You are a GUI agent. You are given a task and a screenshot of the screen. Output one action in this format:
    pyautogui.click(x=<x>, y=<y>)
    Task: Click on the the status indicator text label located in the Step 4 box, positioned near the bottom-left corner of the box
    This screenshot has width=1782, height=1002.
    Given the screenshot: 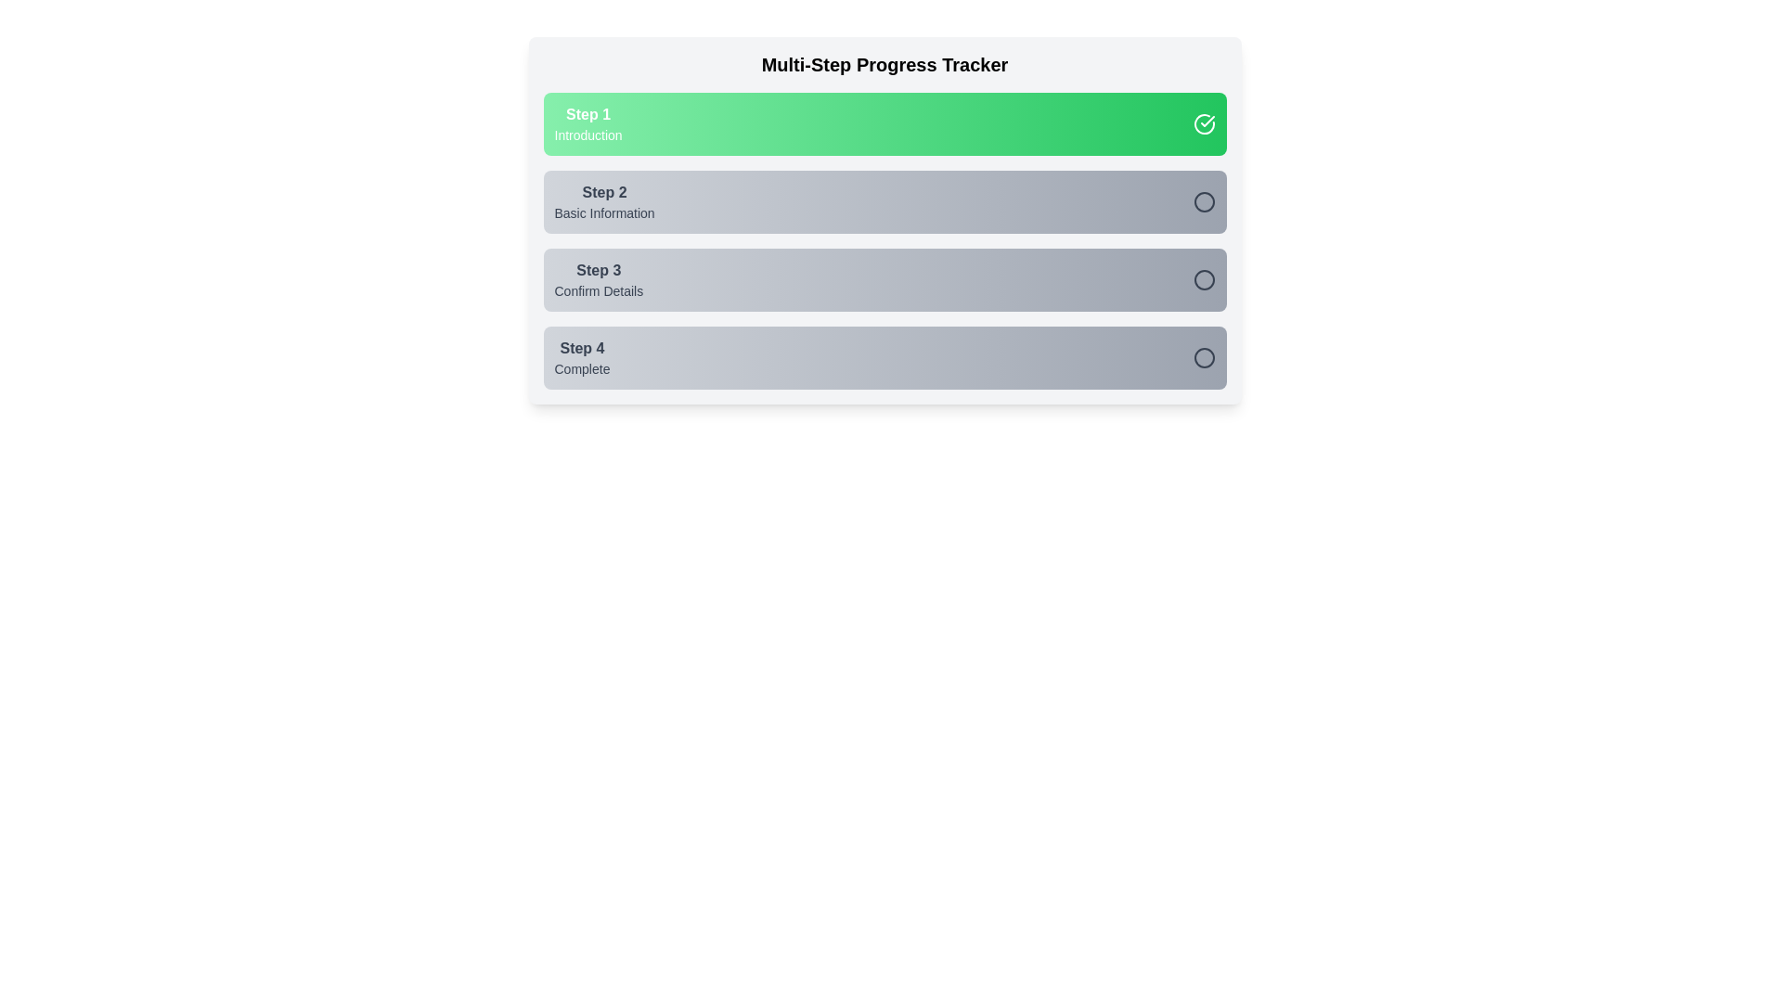 What is the action you would take?
    pyautogui.click(x=581, y=368)
    